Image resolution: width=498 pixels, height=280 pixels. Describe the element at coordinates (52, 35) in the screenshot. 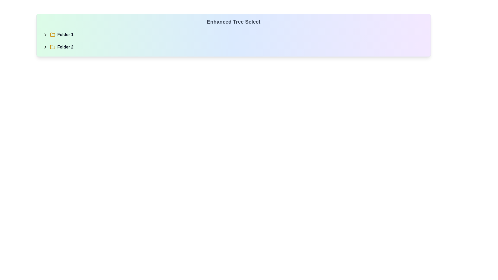

I see `the folder icon located to the left of the text 'Folder 1' in the first row under the 'Enhanced Tree Select' header` at that location.